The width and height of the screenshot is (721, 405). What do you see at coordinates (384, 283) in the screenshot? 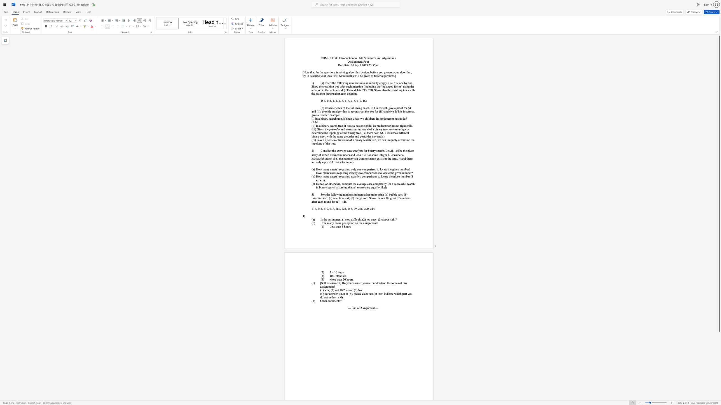
I see `the subset text "d the topics of" within the text "[Self assessment] Do you consider yourself understand the topics of this assignment?"` at bounding box center [384, 283].